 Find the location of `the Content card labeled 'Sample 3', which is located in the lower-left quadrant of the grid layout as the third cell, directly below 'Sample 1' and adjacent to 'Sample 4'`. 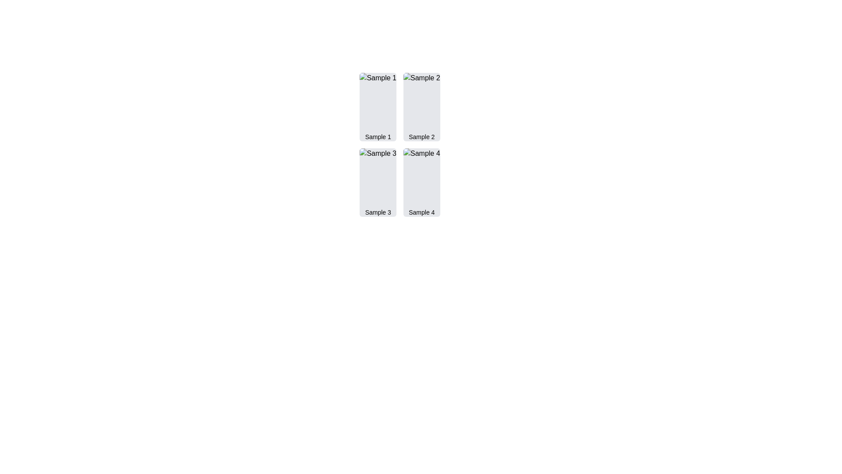

the Content card labeled 'Sample 3', which is located in the lower-left quadrant of the grid layout as the third cell, directly below 'Sample 1' and adjacent to 'Sample 4' is located at coordinates (378, 182).